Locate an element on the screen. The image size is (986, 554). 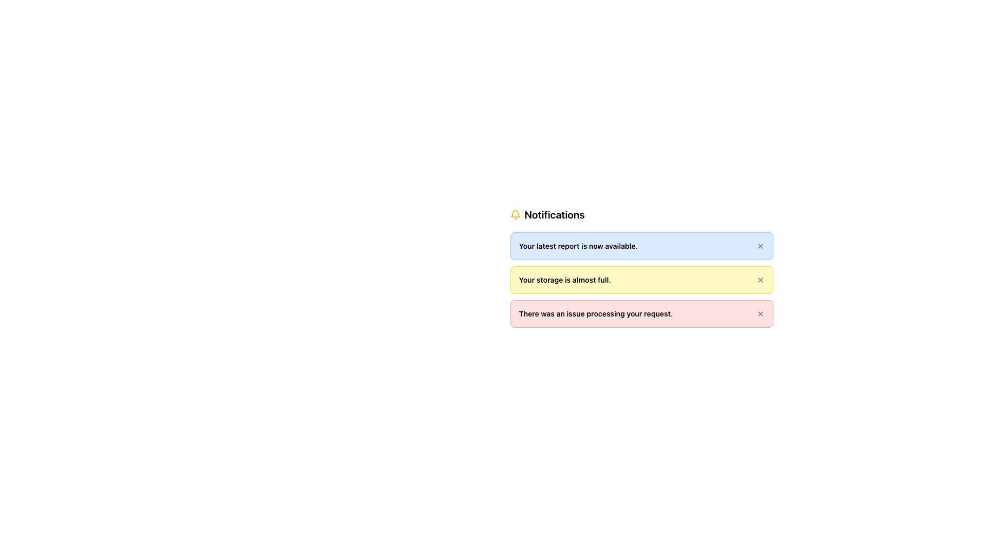
the second notification card in the notifications panel is located at coordinates (641, 267).